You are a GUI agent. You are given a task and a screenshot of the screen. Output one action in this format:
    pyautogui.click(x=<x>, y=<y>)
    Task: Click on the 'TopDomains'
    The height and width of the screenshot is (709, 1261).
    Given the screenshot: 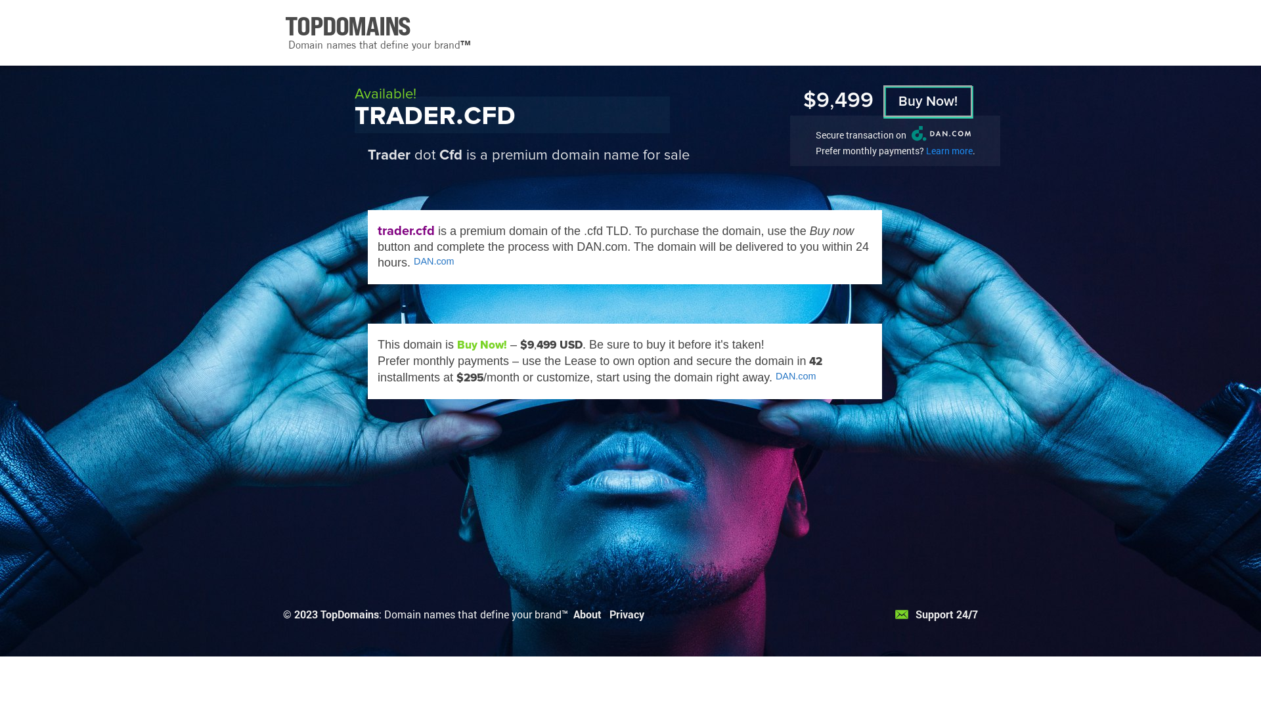 What is the action you would take?
    pyautogui.click(x=349, y=614)
    